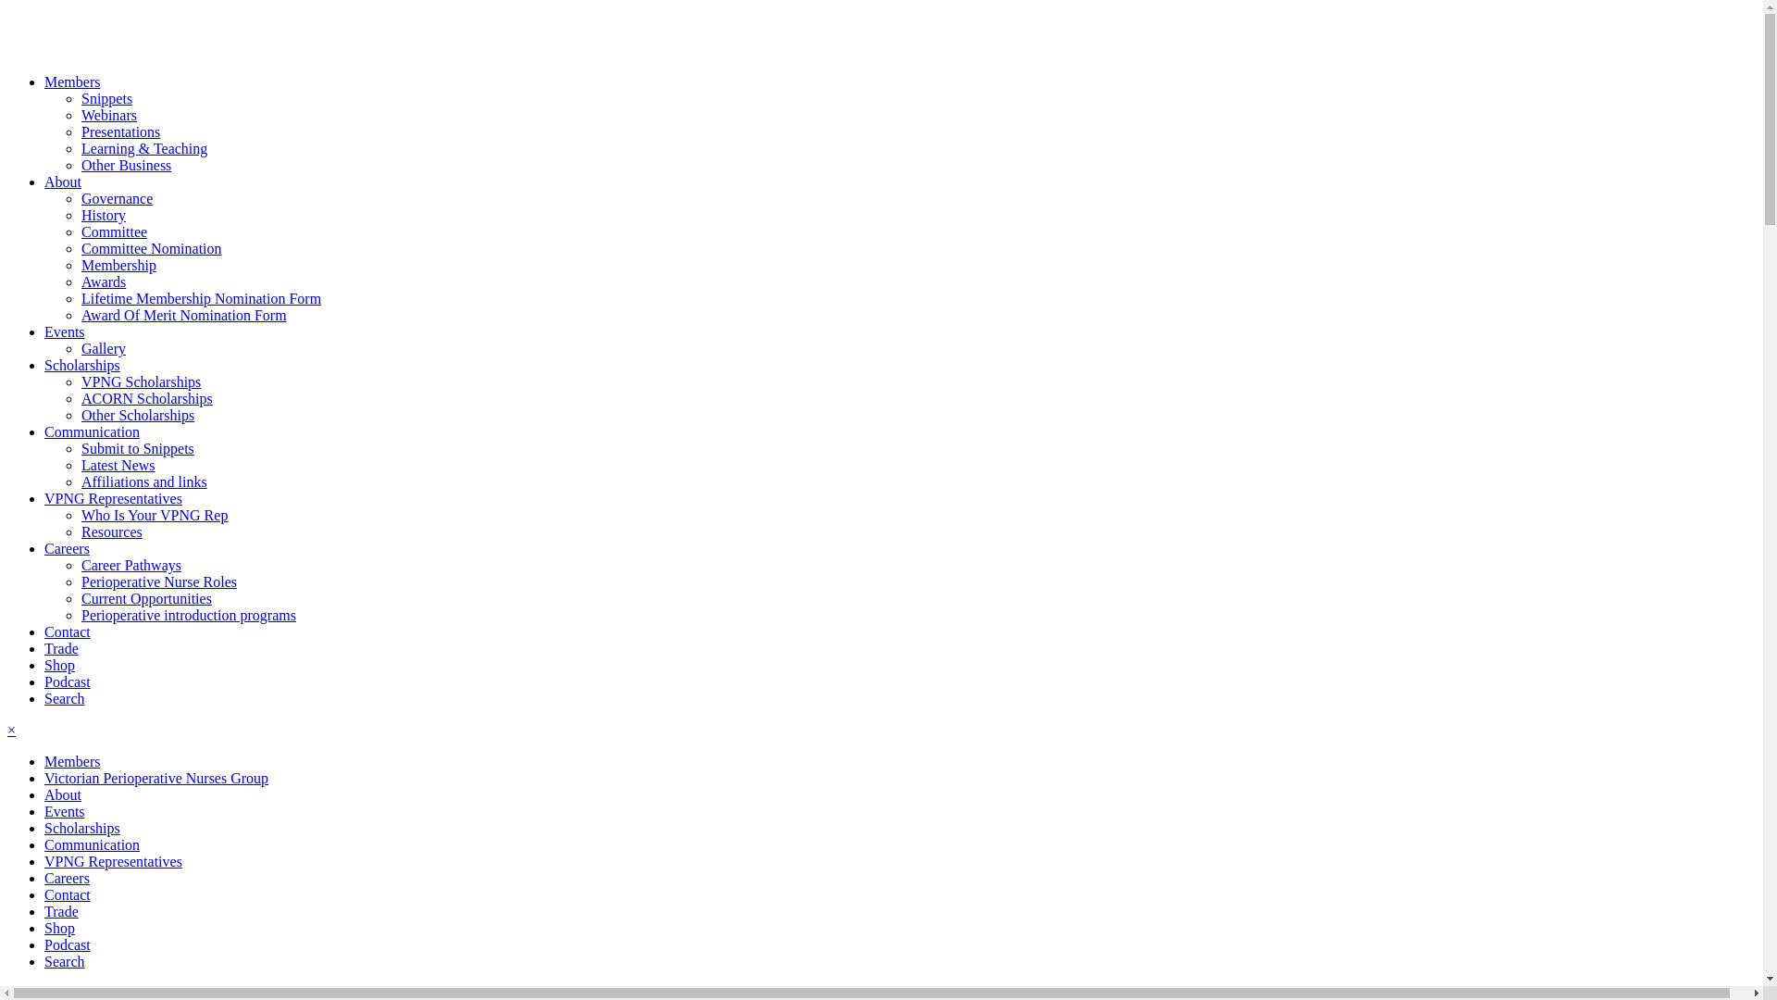 Image resolution: width=1777 pixels, height=1000 pixels. What do you see at coordinates (80, 464) in the screenshot?
I see `'Latest News'` at bounding box center [80, 464].